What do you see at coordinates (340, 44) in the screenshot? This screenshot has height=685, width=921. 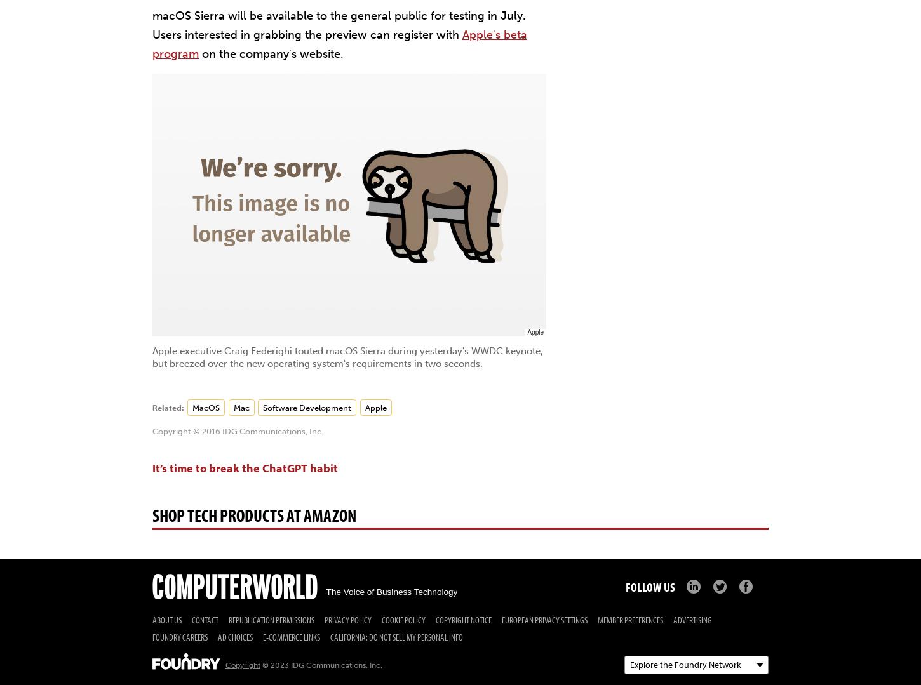 I see `'Apple's beta program'` at bounding box center [340, 44].